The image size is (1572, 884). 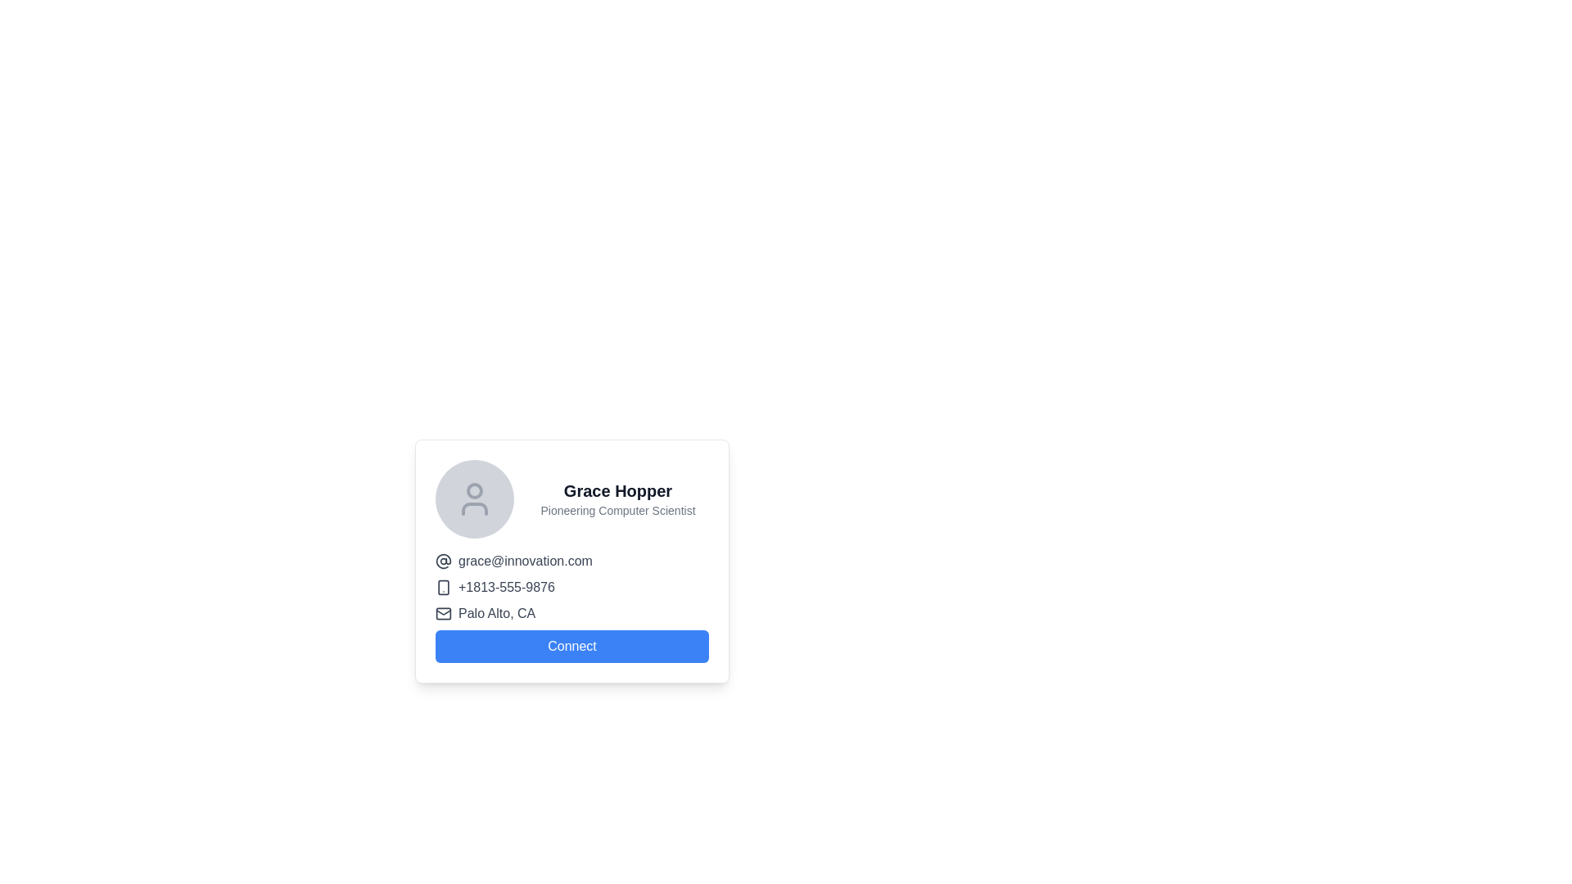 I want to click on the contact information section containing email, phone number, and location for 'Grace Hopper', which is positioned below the profile picture and above the 'Connect' button, so click(x=572, y=607).